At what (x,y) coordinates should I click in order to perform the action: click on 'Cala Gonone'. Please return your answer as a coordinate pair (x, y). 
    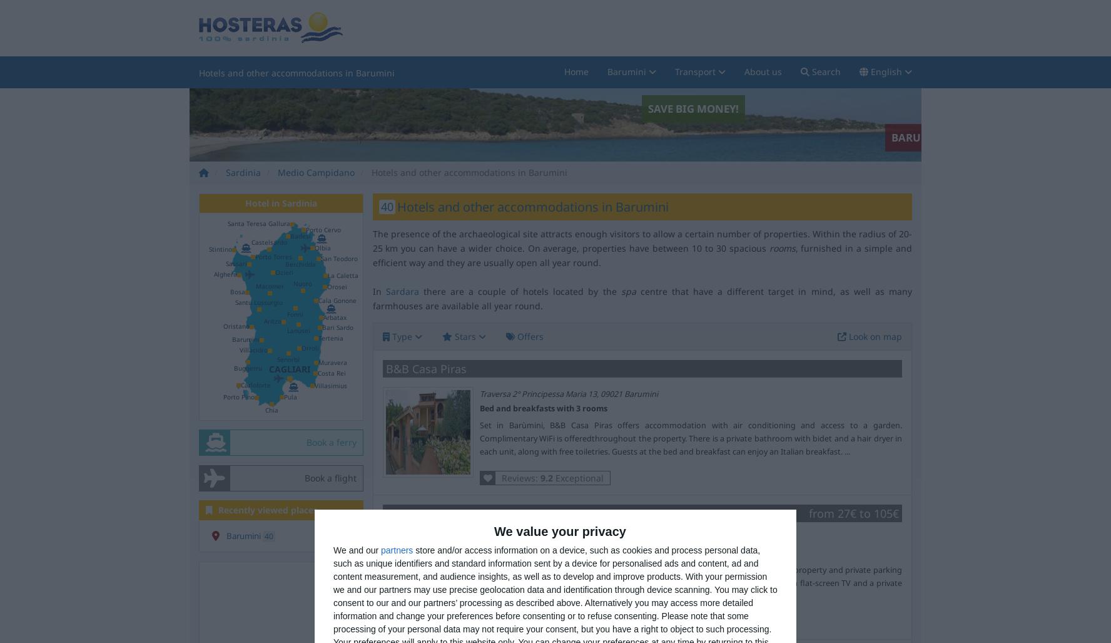
    Looking at the image, I should click on (318, 299).